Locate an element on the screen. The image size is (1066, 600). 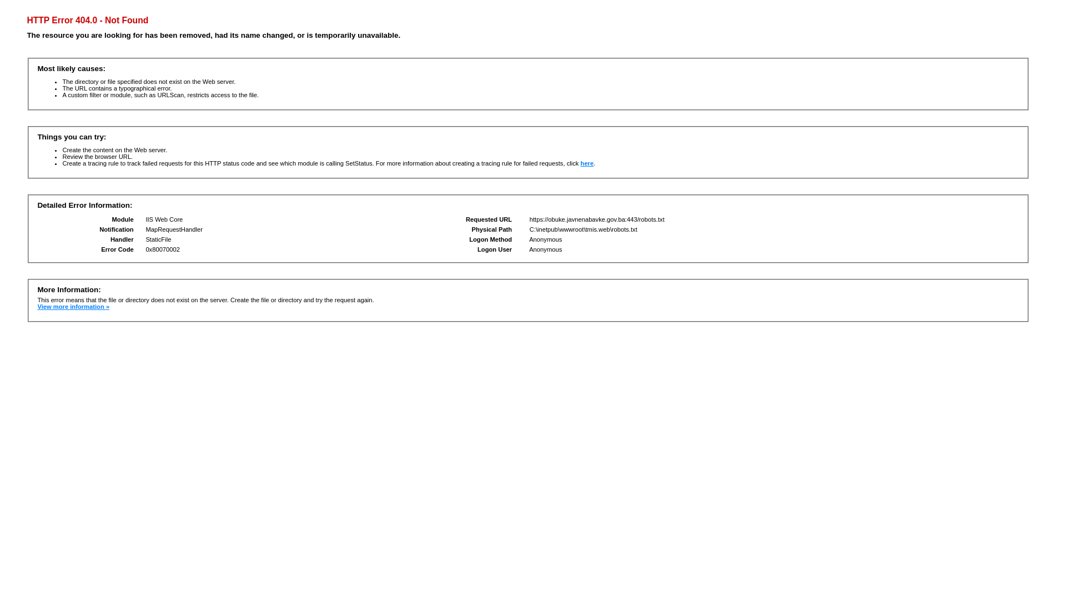
'here' is located at coordinates (586, 163).